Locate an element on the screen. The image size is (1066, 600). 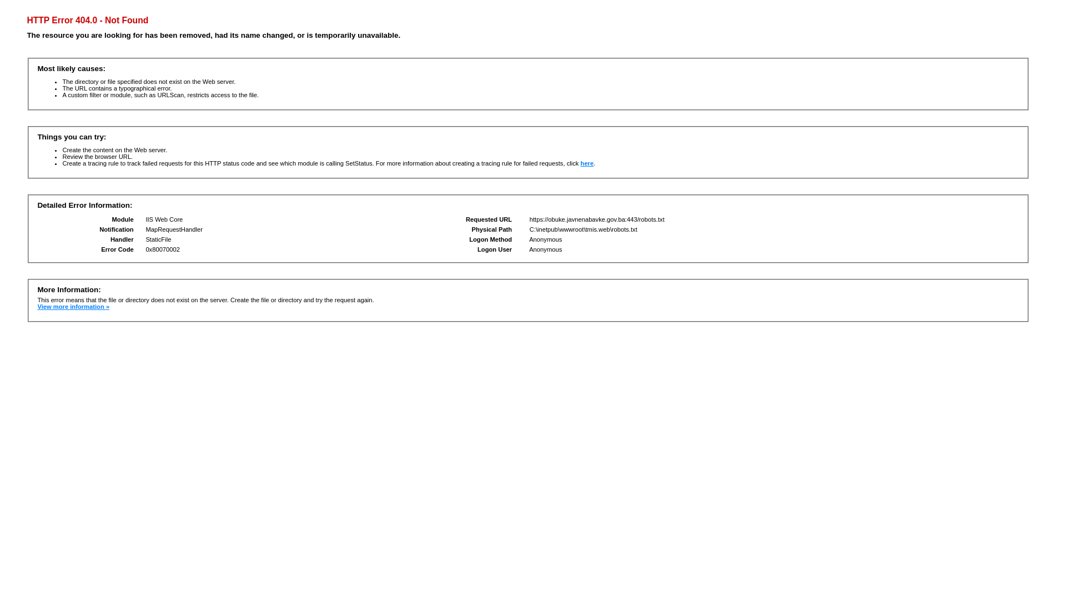
'here' is located at coordinates (586, 163).